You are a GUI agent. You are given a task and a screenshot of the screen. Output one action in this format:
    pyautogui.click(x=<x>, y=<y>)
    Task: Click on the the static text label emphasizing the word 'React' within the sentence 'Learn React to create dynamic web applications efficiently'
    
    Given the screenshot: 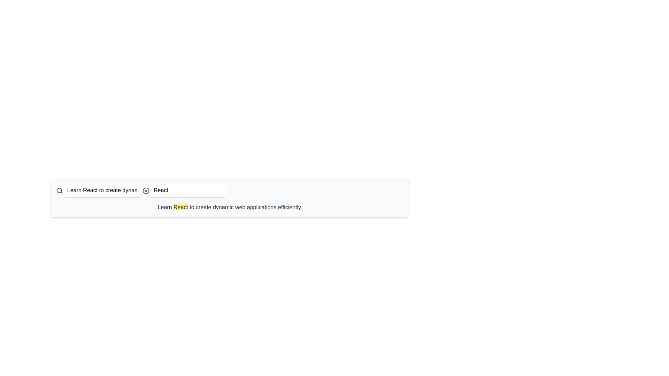 What is the action you would take?
    pyautogui.click(x=180, y=207)
    